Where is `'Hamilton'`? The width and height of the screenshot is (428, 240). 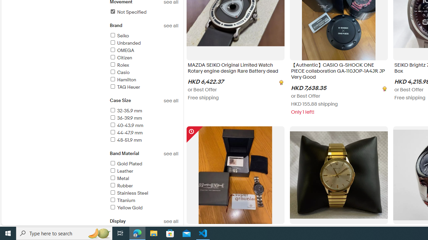
'Hamilton' is located at coordinates (123, 79).